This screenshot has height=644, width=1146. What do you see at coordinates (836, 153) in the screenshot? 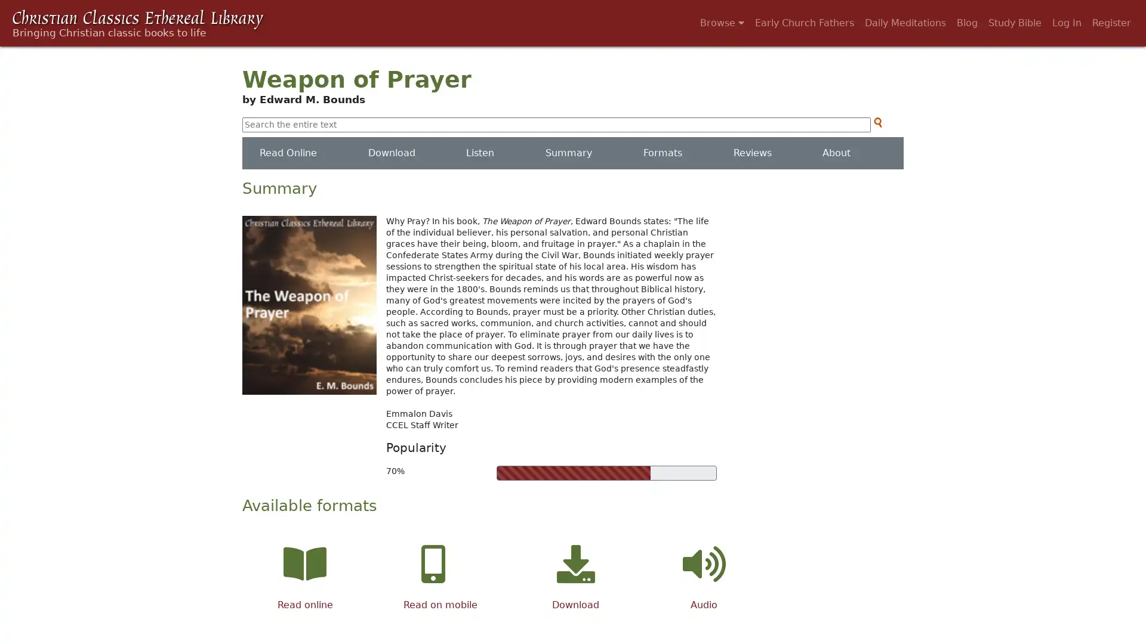
I see `About` at bounding box center [836, 153].